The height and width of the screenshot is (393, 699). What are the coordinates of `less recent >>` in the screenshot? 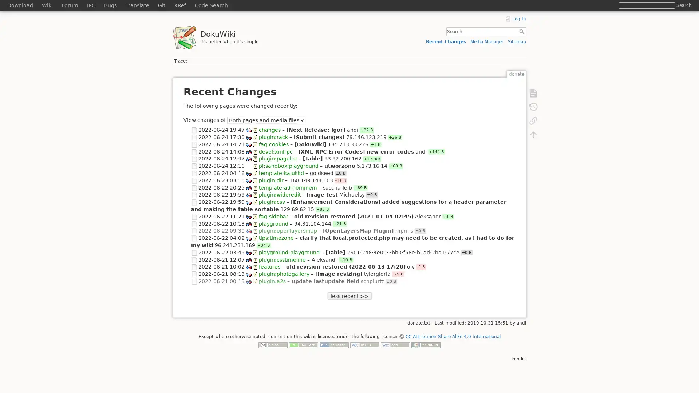 It's located at (349, 296).